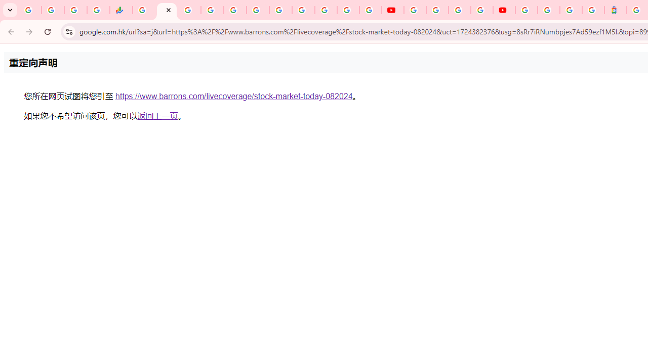  I want to click on 'Google Account Help', so click(437, 10).